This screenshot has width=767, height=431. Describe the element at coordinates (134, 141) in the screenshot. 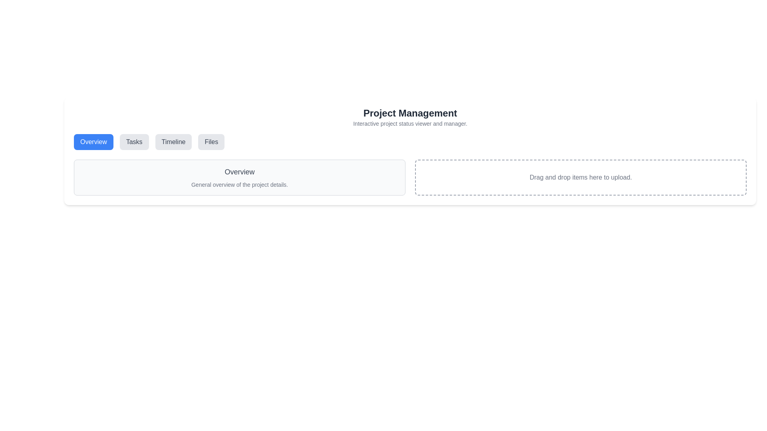

I see `the second button from the left labeled 'Tasks'` at that location.